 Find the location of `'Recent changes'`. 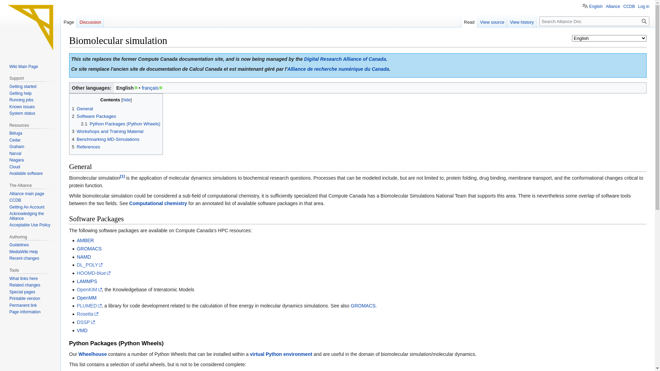

'Recent changes' is located at coordinates (24, 258).